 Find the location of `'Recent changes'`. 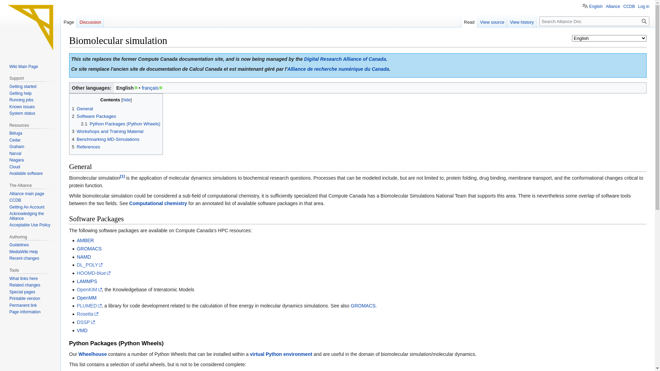

'Recent changes' is located at coordinates (24, 258).